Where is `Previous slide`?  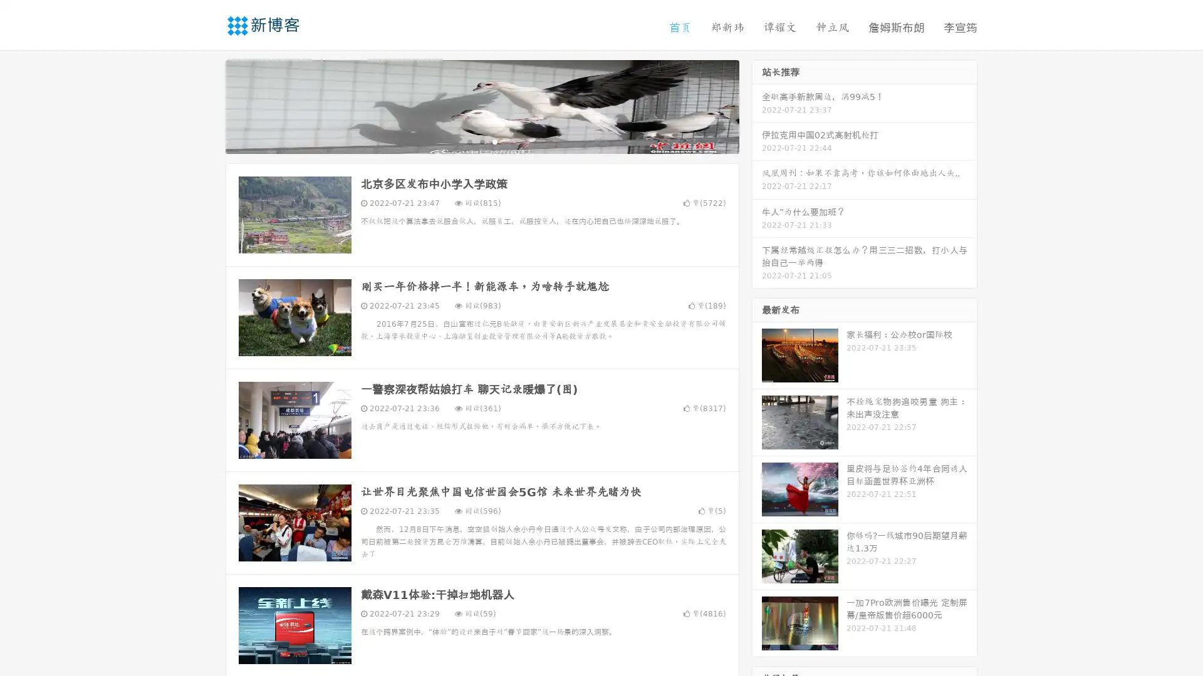
Previous slide is located at coordinates (207, 105).